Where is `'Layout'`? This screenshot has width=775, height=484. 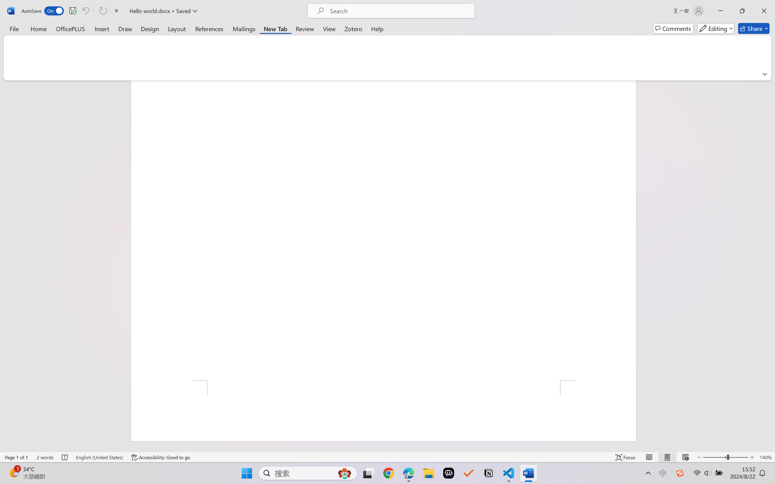
'Layout' is located at coordinates (176, 28).